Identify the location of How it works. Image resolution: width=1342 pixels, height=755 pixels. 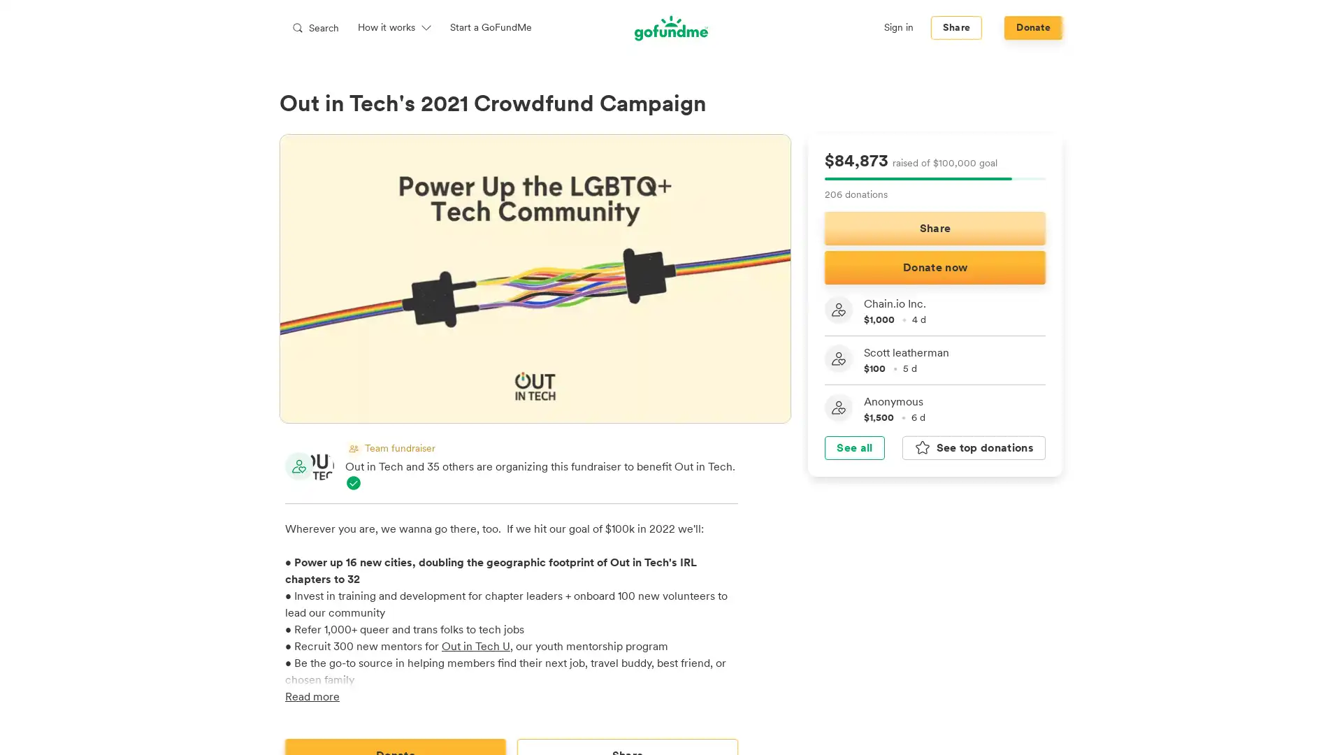
(394, 27).